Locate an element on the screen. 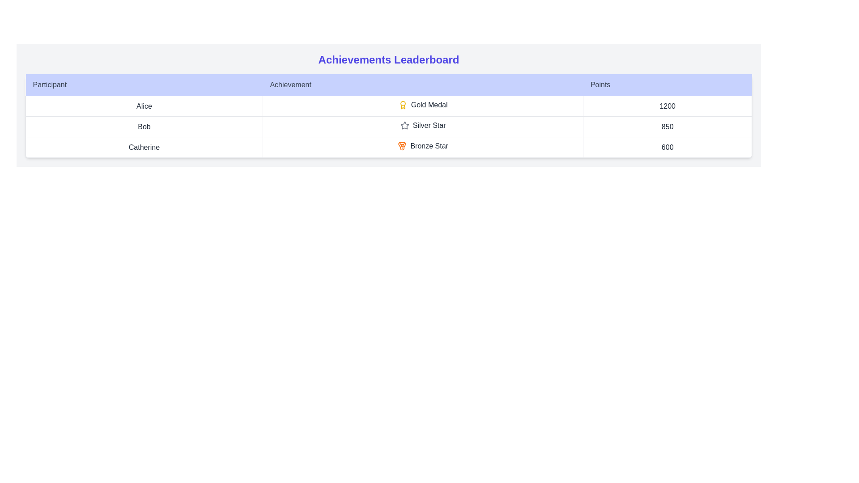  the star-shaped outline icon with a hollow interior, which is light gray and located next to the text 'Silver Star' in the second row of the table under the 'Achievement' column is located at coordinates (404, 126).